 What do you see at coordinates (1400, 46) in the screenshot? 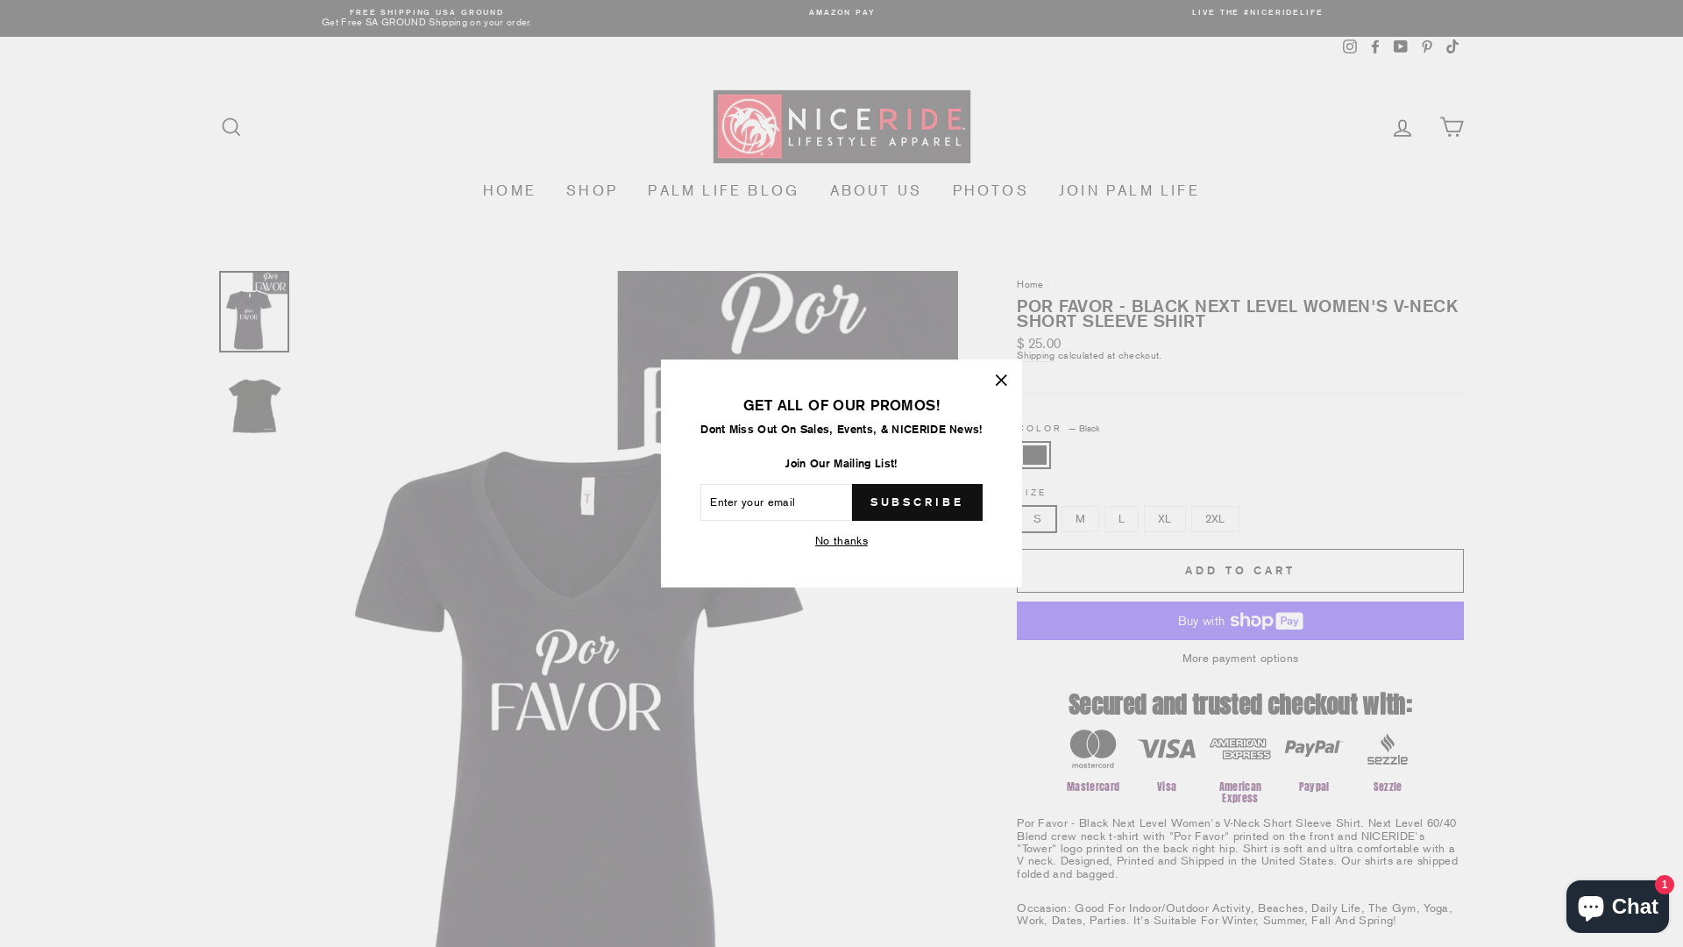
I see `'YouTube'` at bounding box center [1400, 46].